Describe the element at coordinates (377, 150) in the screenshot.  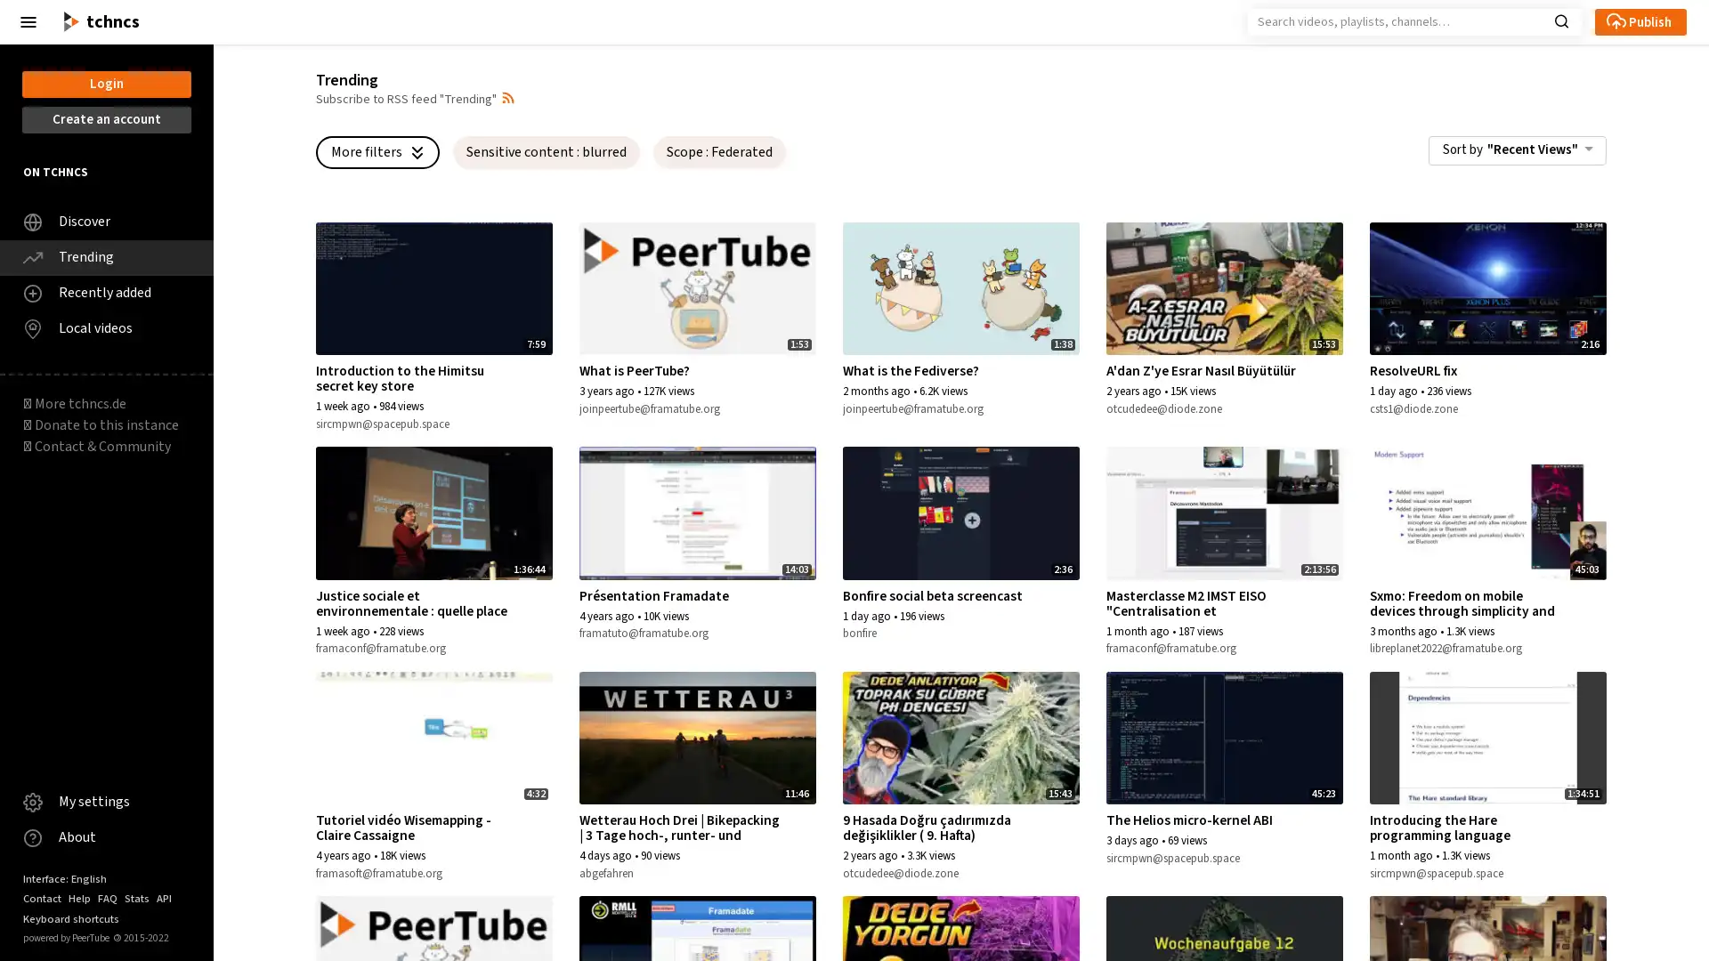
I see `More filters` at that location.